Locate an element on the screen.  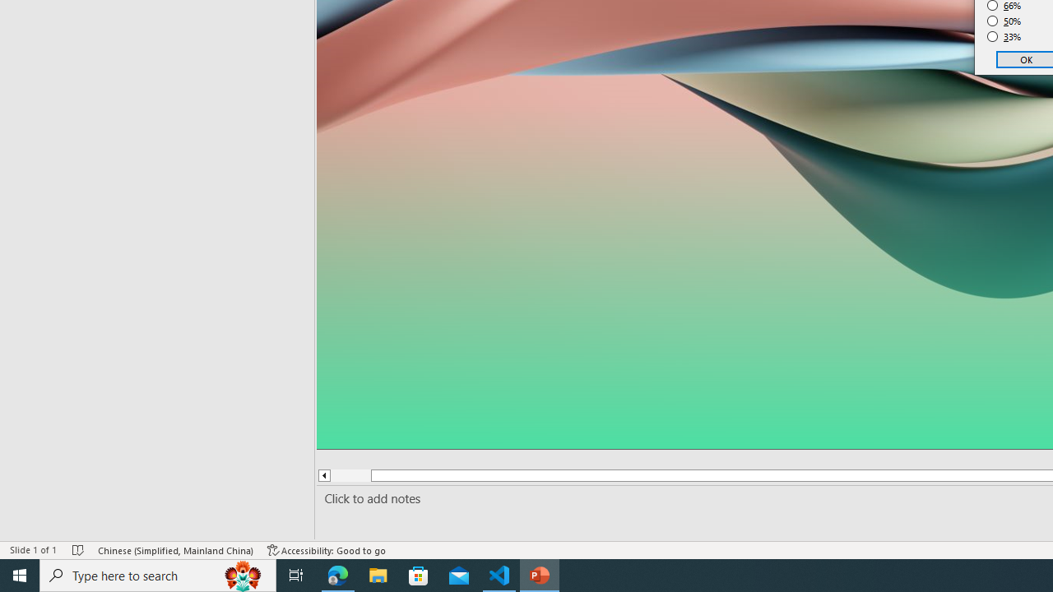
'Accessibility Checker Accessibility: Good to go' is located at coordinates (327, 550).